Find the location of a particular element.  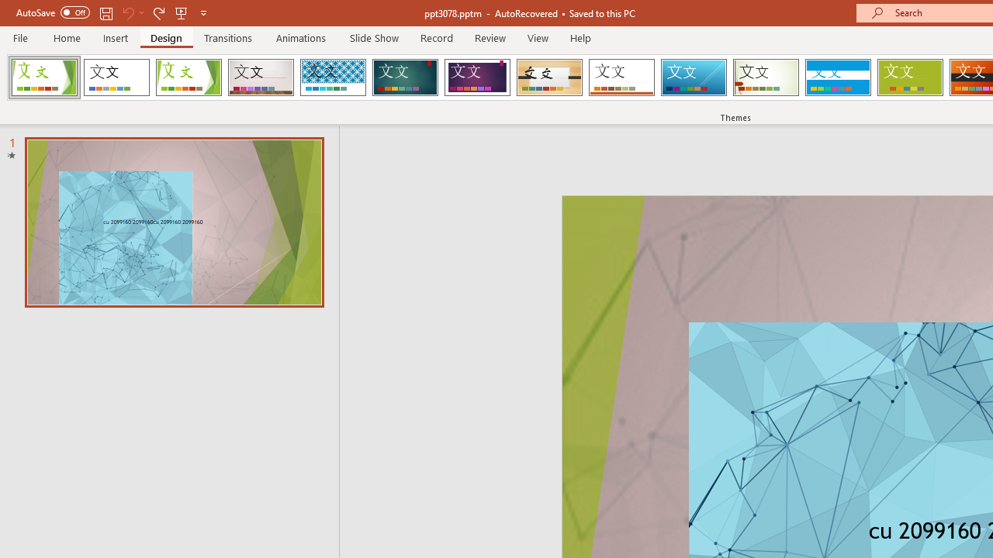

'Ion Loading Preview...' is located at coordinates (405, 77).